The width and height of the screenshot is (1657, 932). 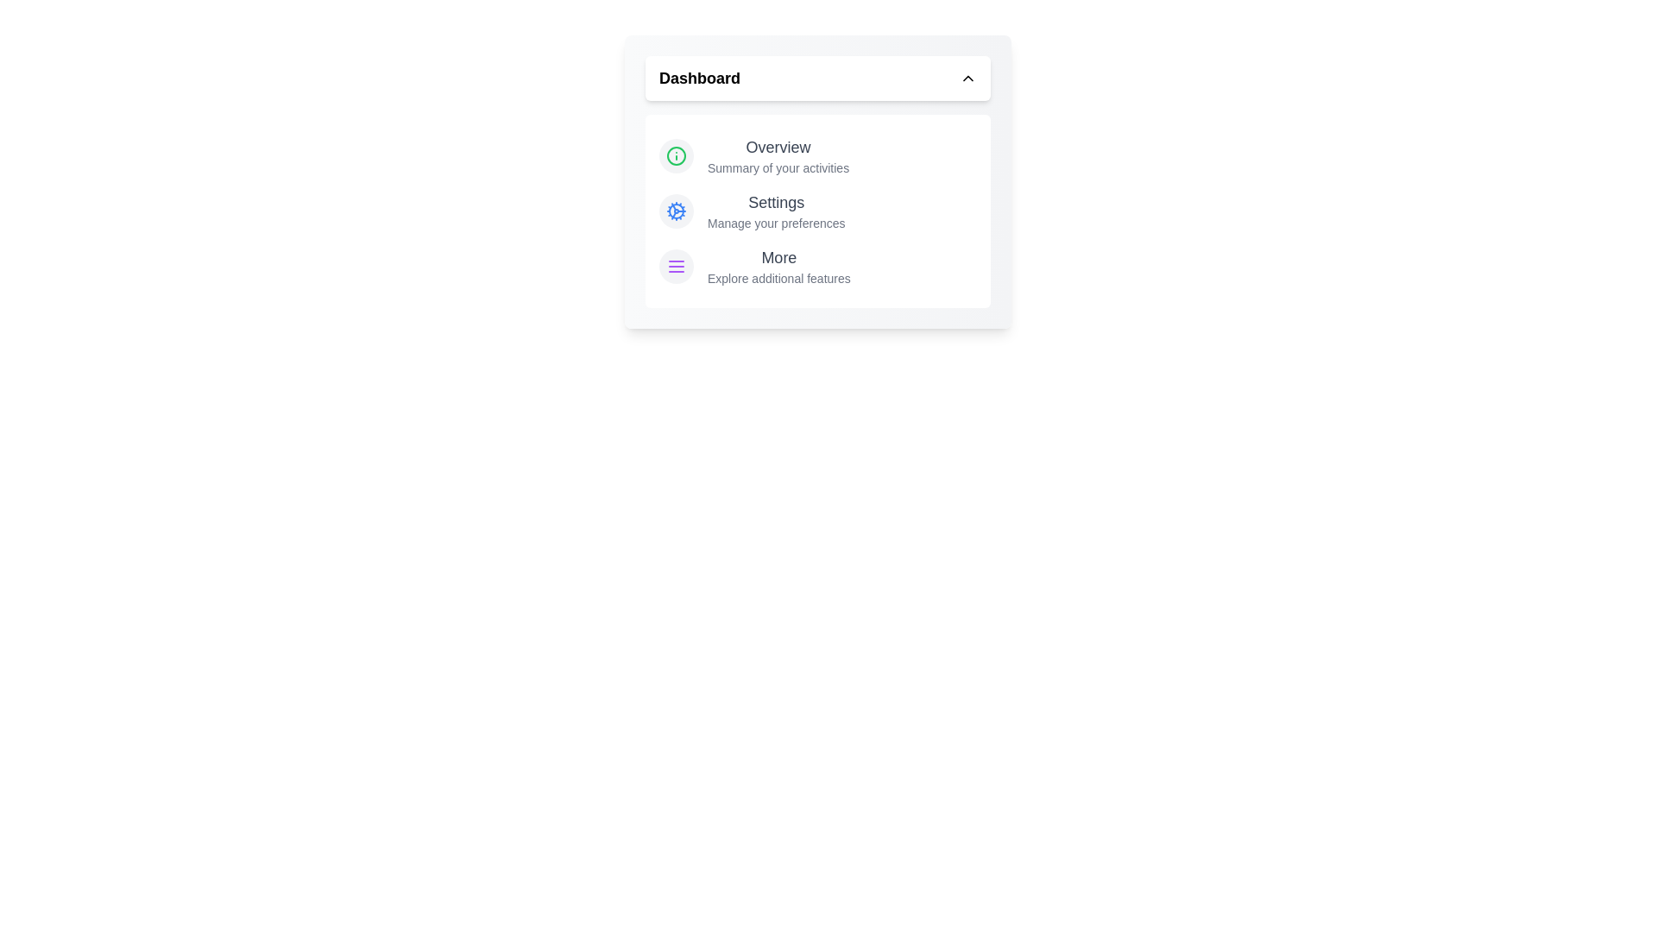 What do you see at coordinates (817, 79) in the screenshot?
I see `the dashboard header to toggle the menu visibility` at bounding box center [817, 79].